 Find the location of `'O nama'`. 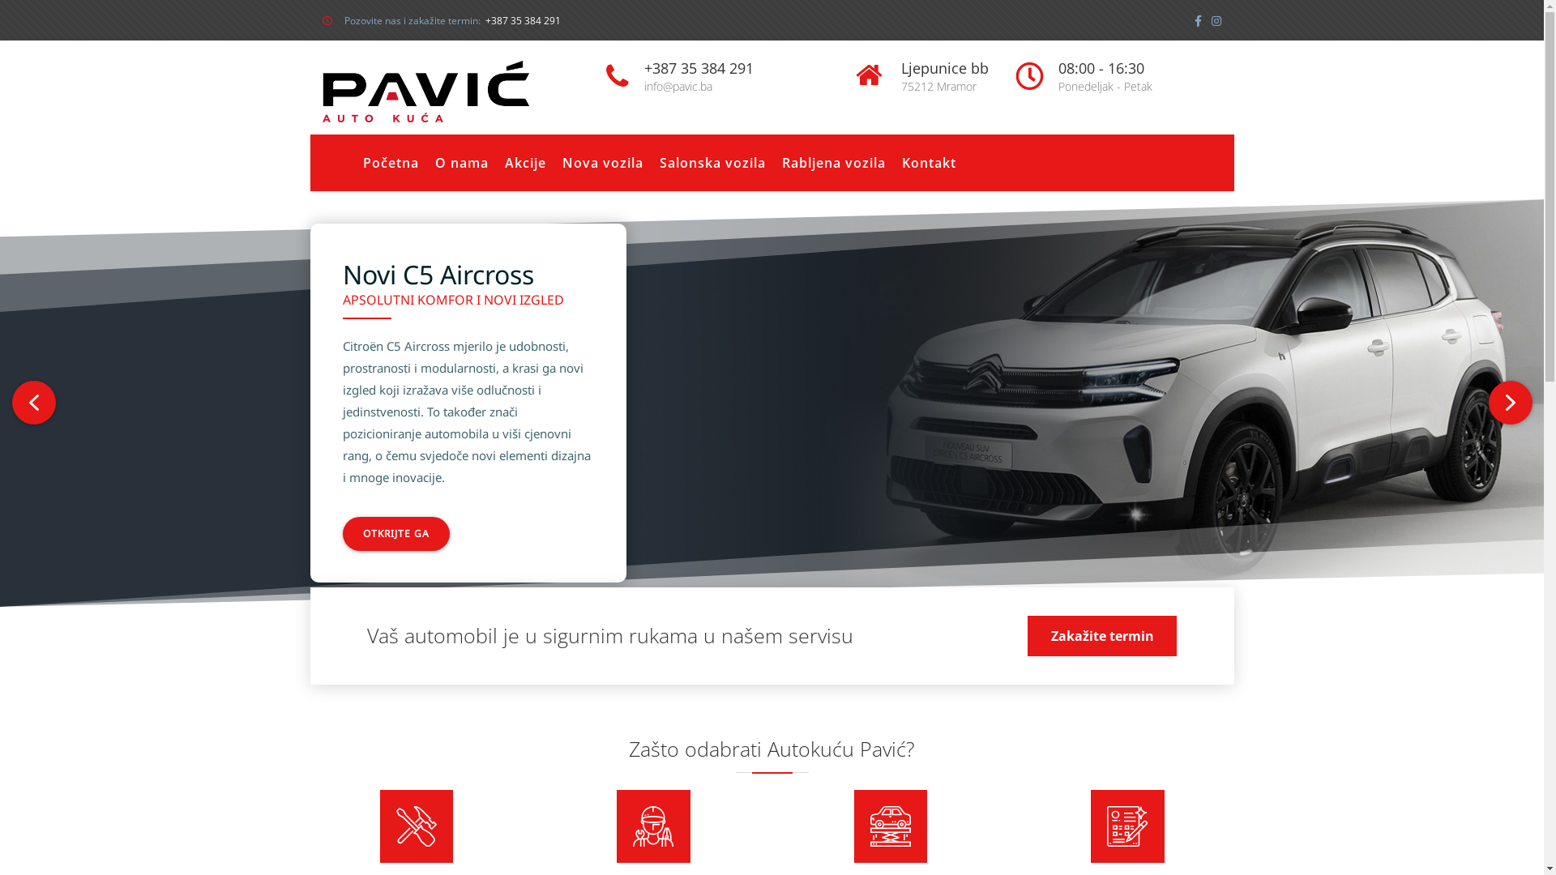

'O nama' is located at coordinates (460, 162).